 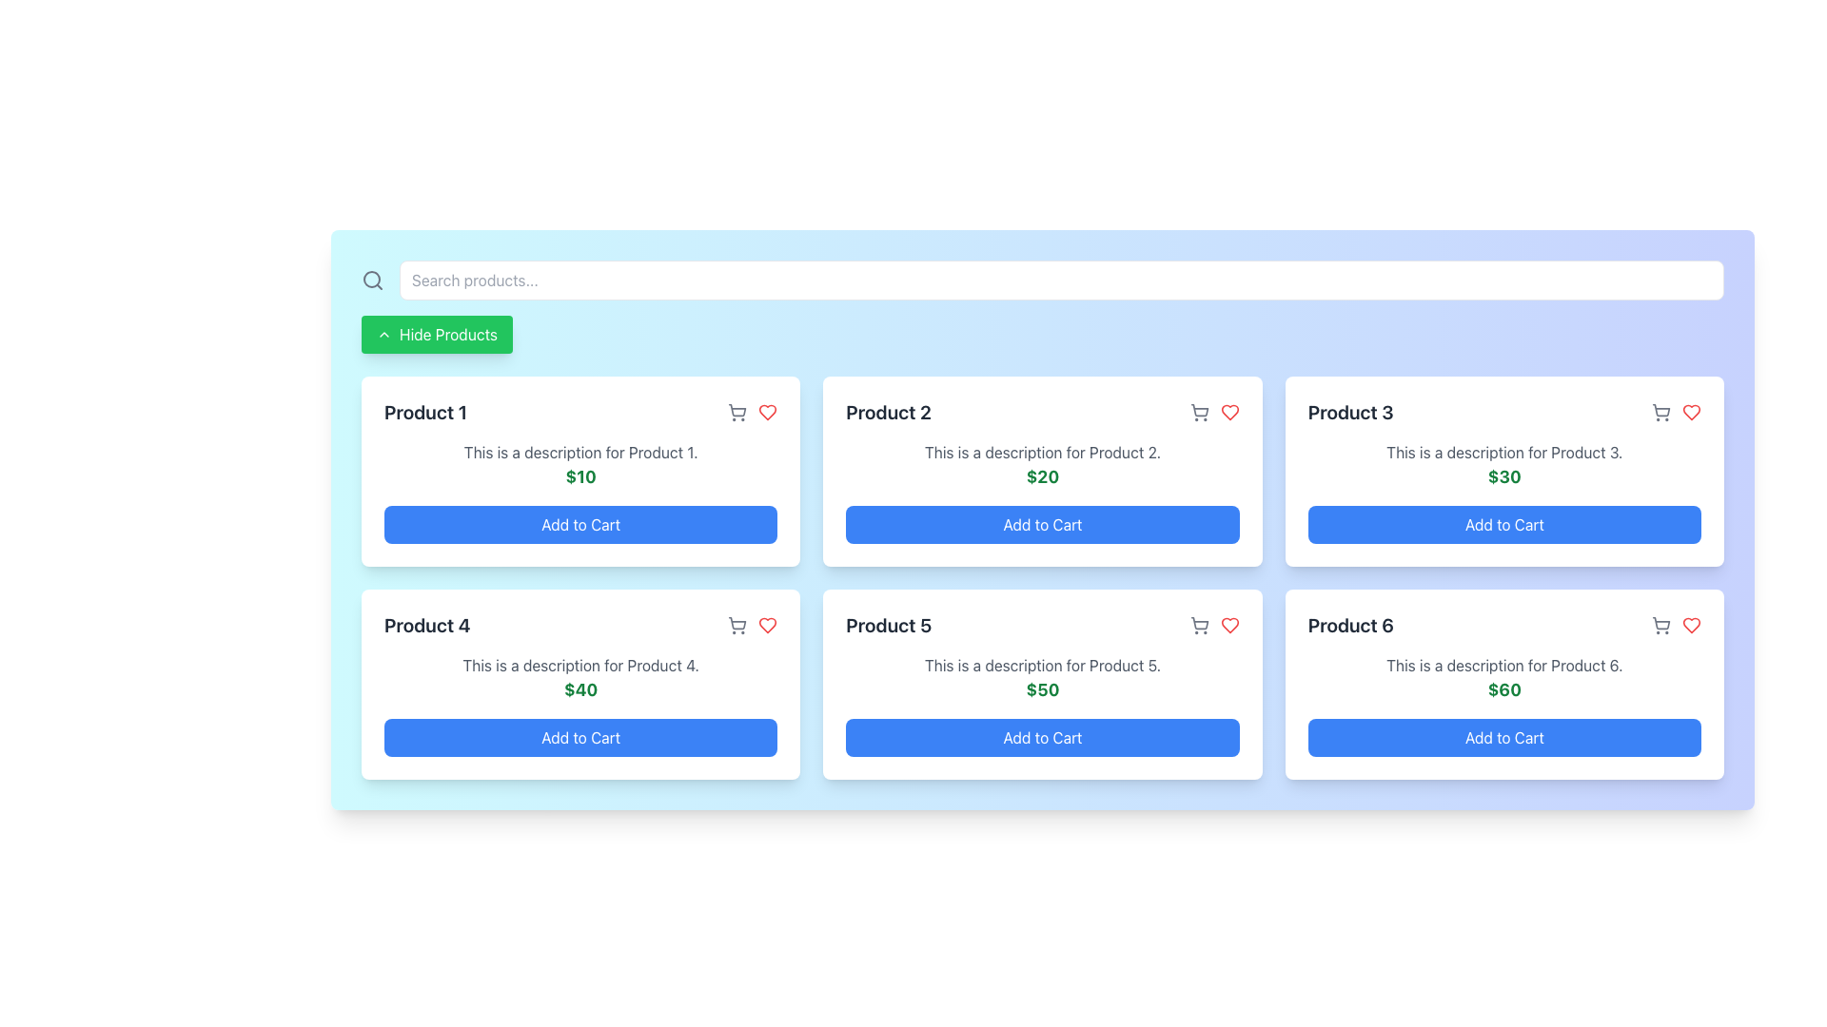 What do you see at coordinates (580, 689) in the screenshot?
I see `the price label displaying '$40' for 'Product 4', which is prominently styled in green and located centrally between the product description and the 'Add to Cart' button` at bounding box center [580, 689].